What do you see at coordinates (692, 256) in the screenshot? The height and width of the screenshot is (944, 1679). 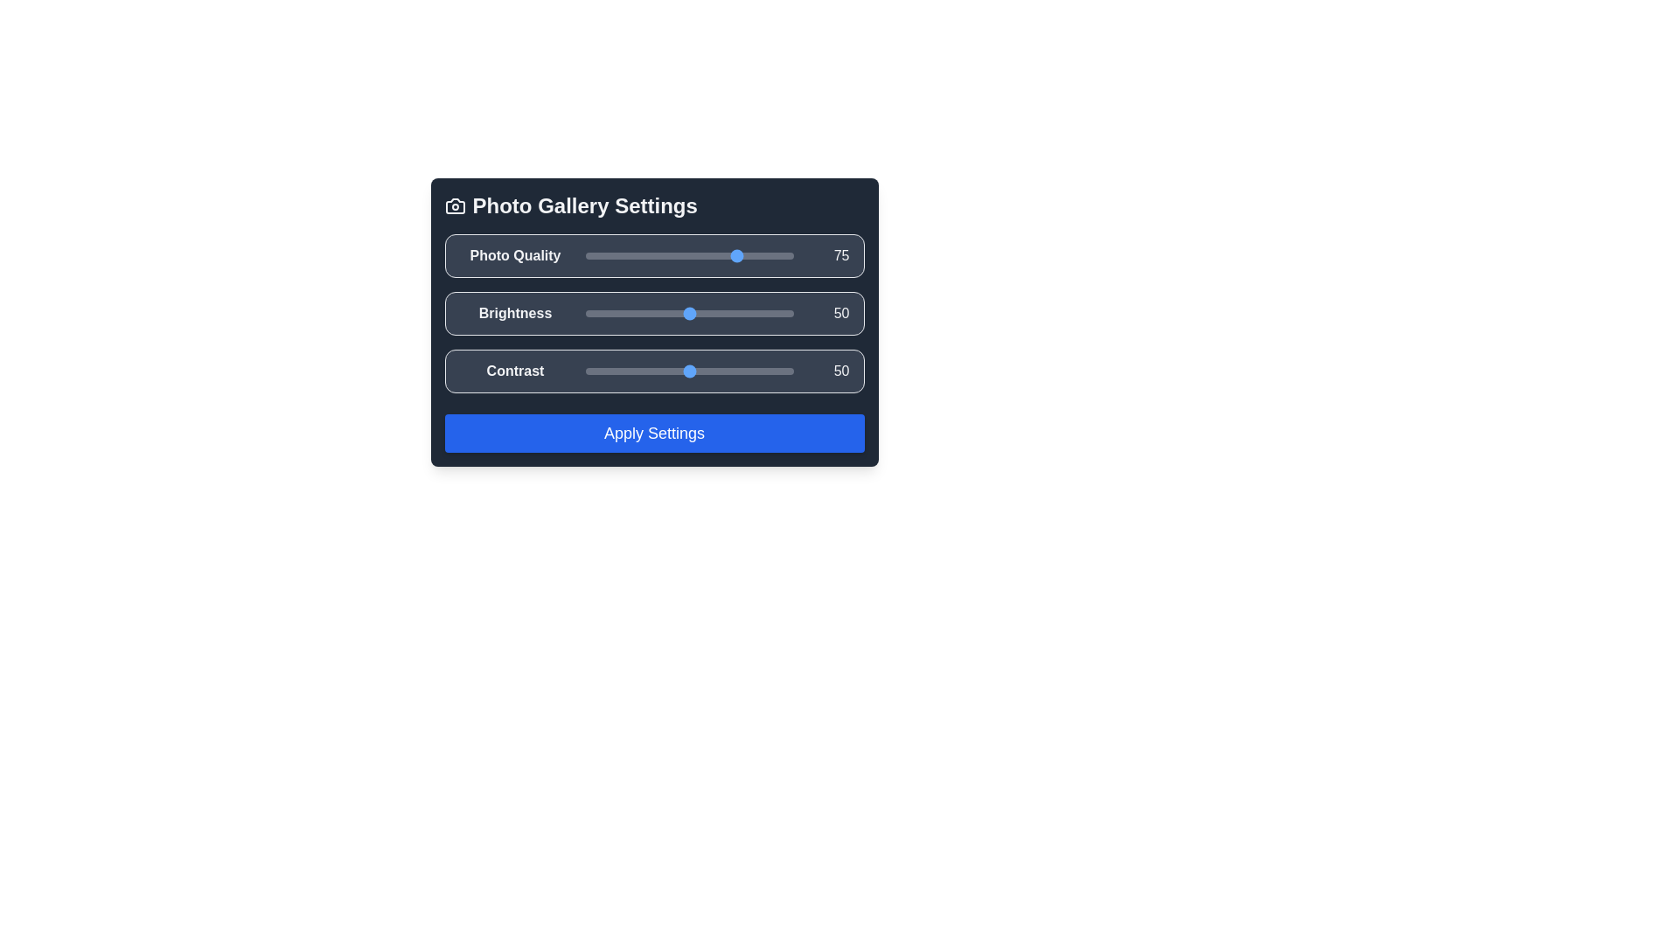 I see `the photo quality` at bounding box center [692, 256].